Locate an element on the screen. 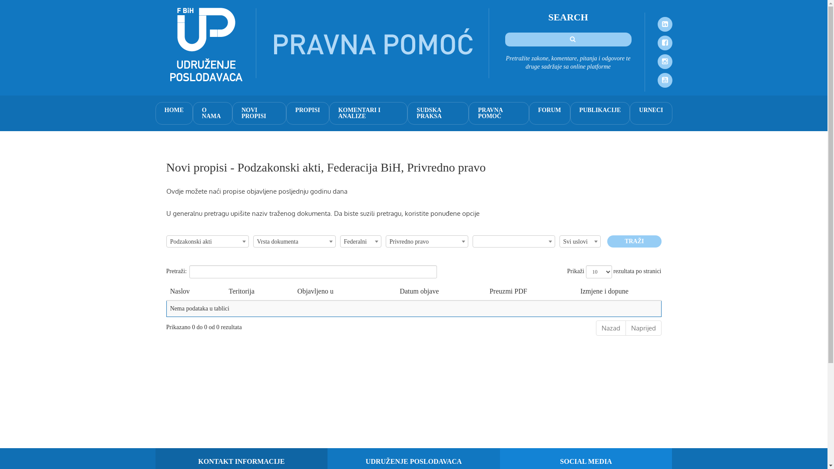  'PUBLIKACIJE' is located at coordinates (600, 113).